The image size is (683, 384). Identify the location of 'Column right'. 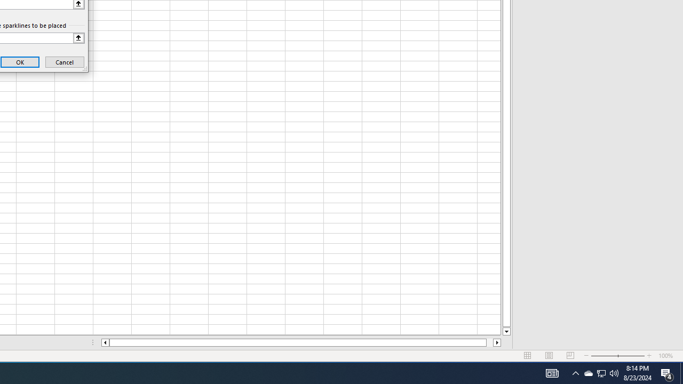
(497, 342).